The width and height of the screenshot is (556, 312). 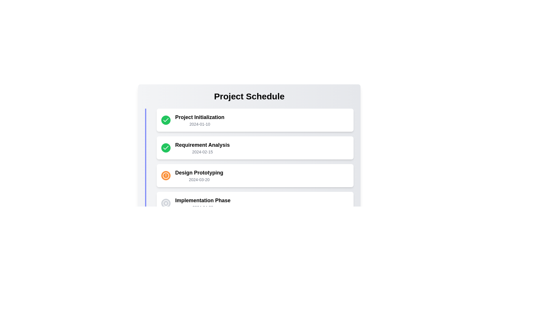 What do you see at coordinates (165, 175) in the screenshot?
I see `the circular icon with an orange background and white border, located in the 'Design Prototyping' row, third item in the project phases list` at bounding box center [165, 175].